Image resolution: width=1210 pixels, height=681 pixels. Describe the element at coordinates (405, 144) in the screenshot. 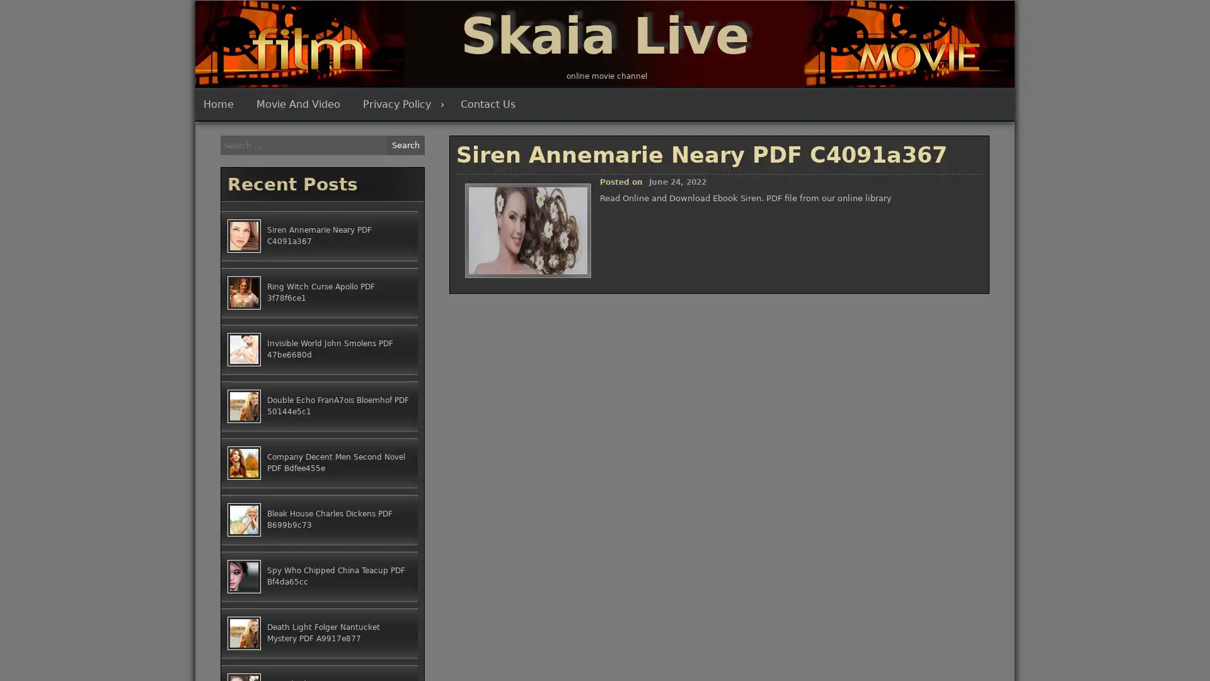

I see `Search` at that location.